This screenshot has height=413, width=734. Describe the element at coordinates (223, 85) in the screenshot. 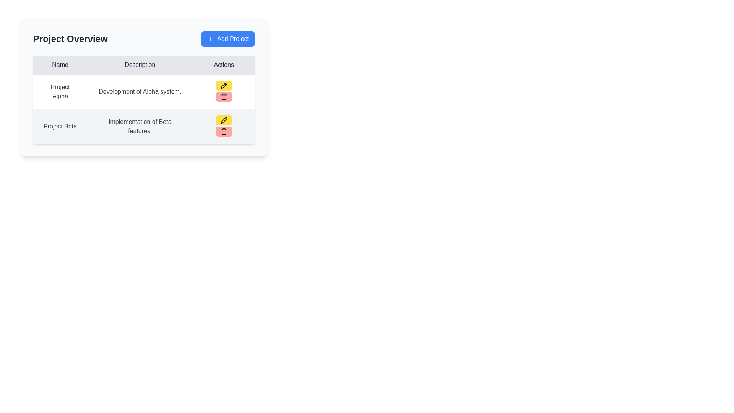

I see `the small rectangular yellow button with a black pencil icon located in the 'Actions' column of the first row corresponding to 'Project Alpha' to initiate editing` at that location.